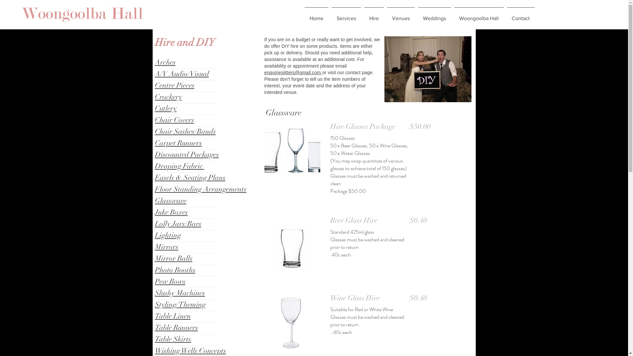  What do you see at coordinates (292, 150) in the screenshot?
I see `'Glass Package.jpg'` at bounding box center [292, 150].